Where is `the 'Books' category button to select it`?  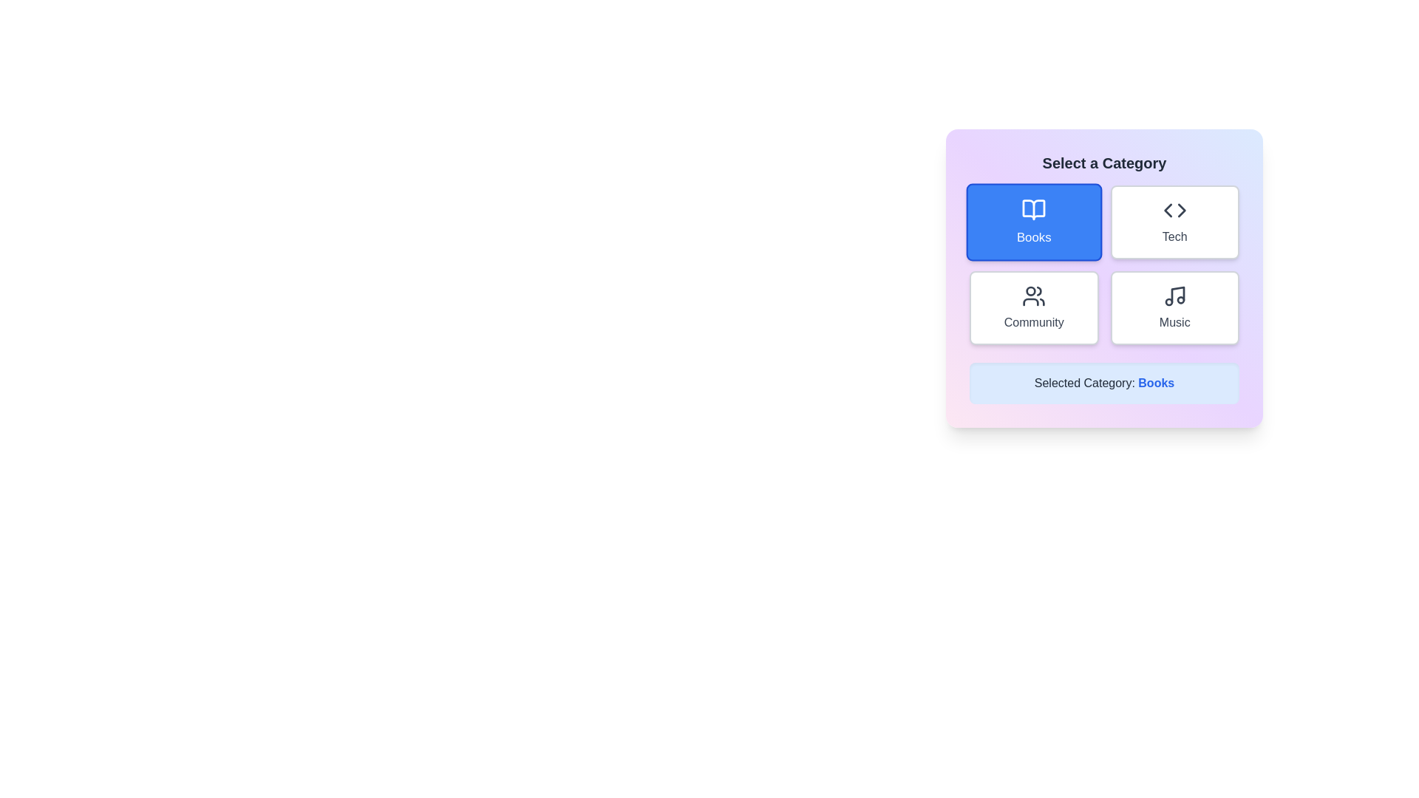 the 'Books' category button to select it is located at coordinates (1033, 222).